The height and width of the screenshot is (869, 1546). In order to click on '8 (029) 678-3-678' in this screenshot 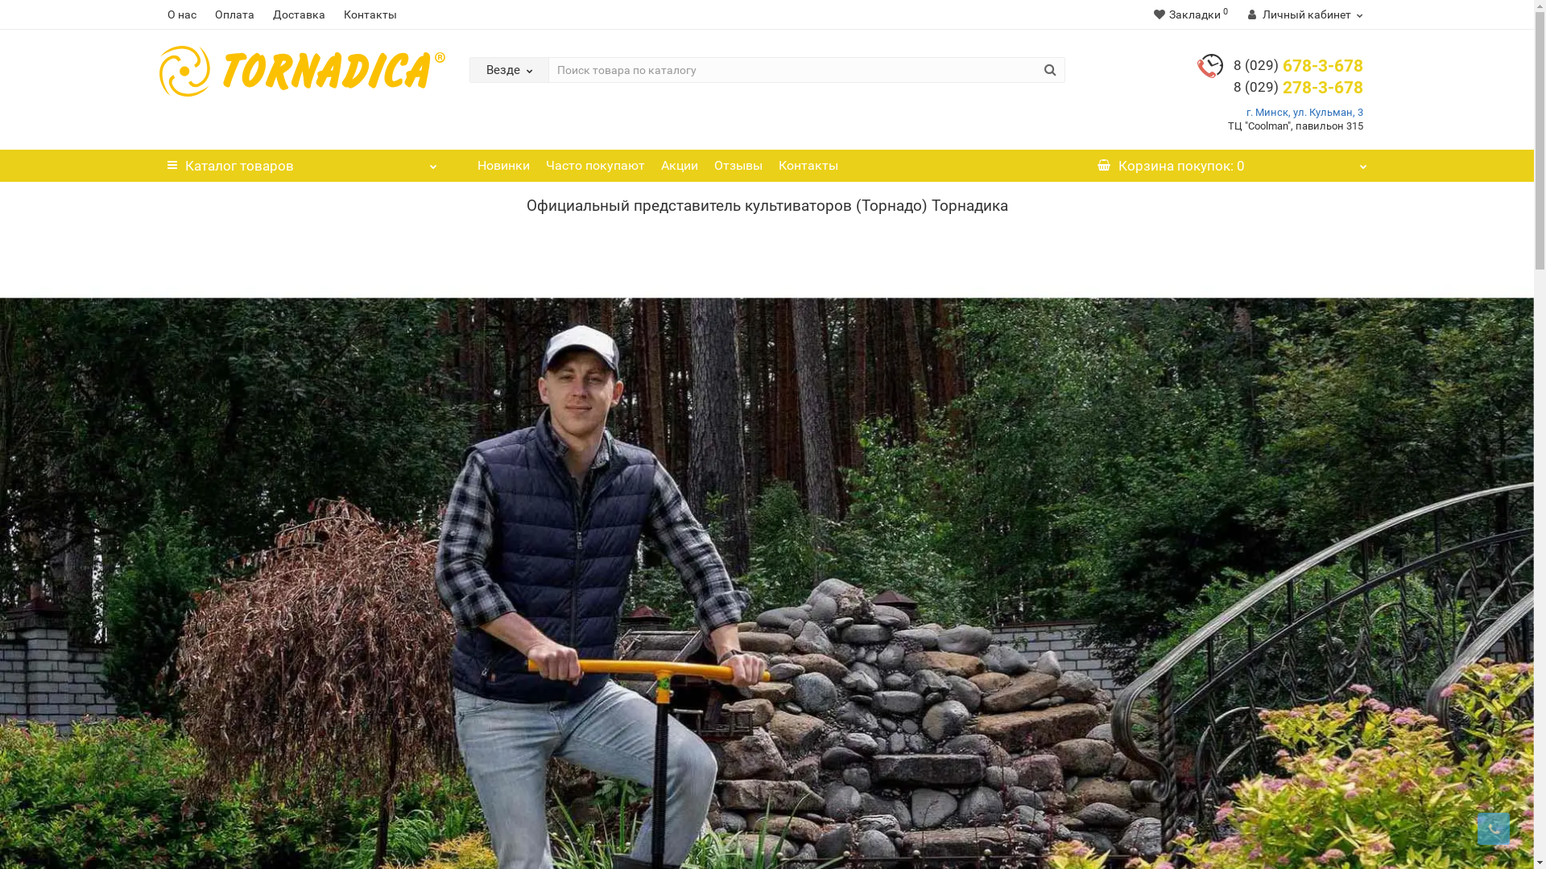, I will do `click(1298, 64)`.